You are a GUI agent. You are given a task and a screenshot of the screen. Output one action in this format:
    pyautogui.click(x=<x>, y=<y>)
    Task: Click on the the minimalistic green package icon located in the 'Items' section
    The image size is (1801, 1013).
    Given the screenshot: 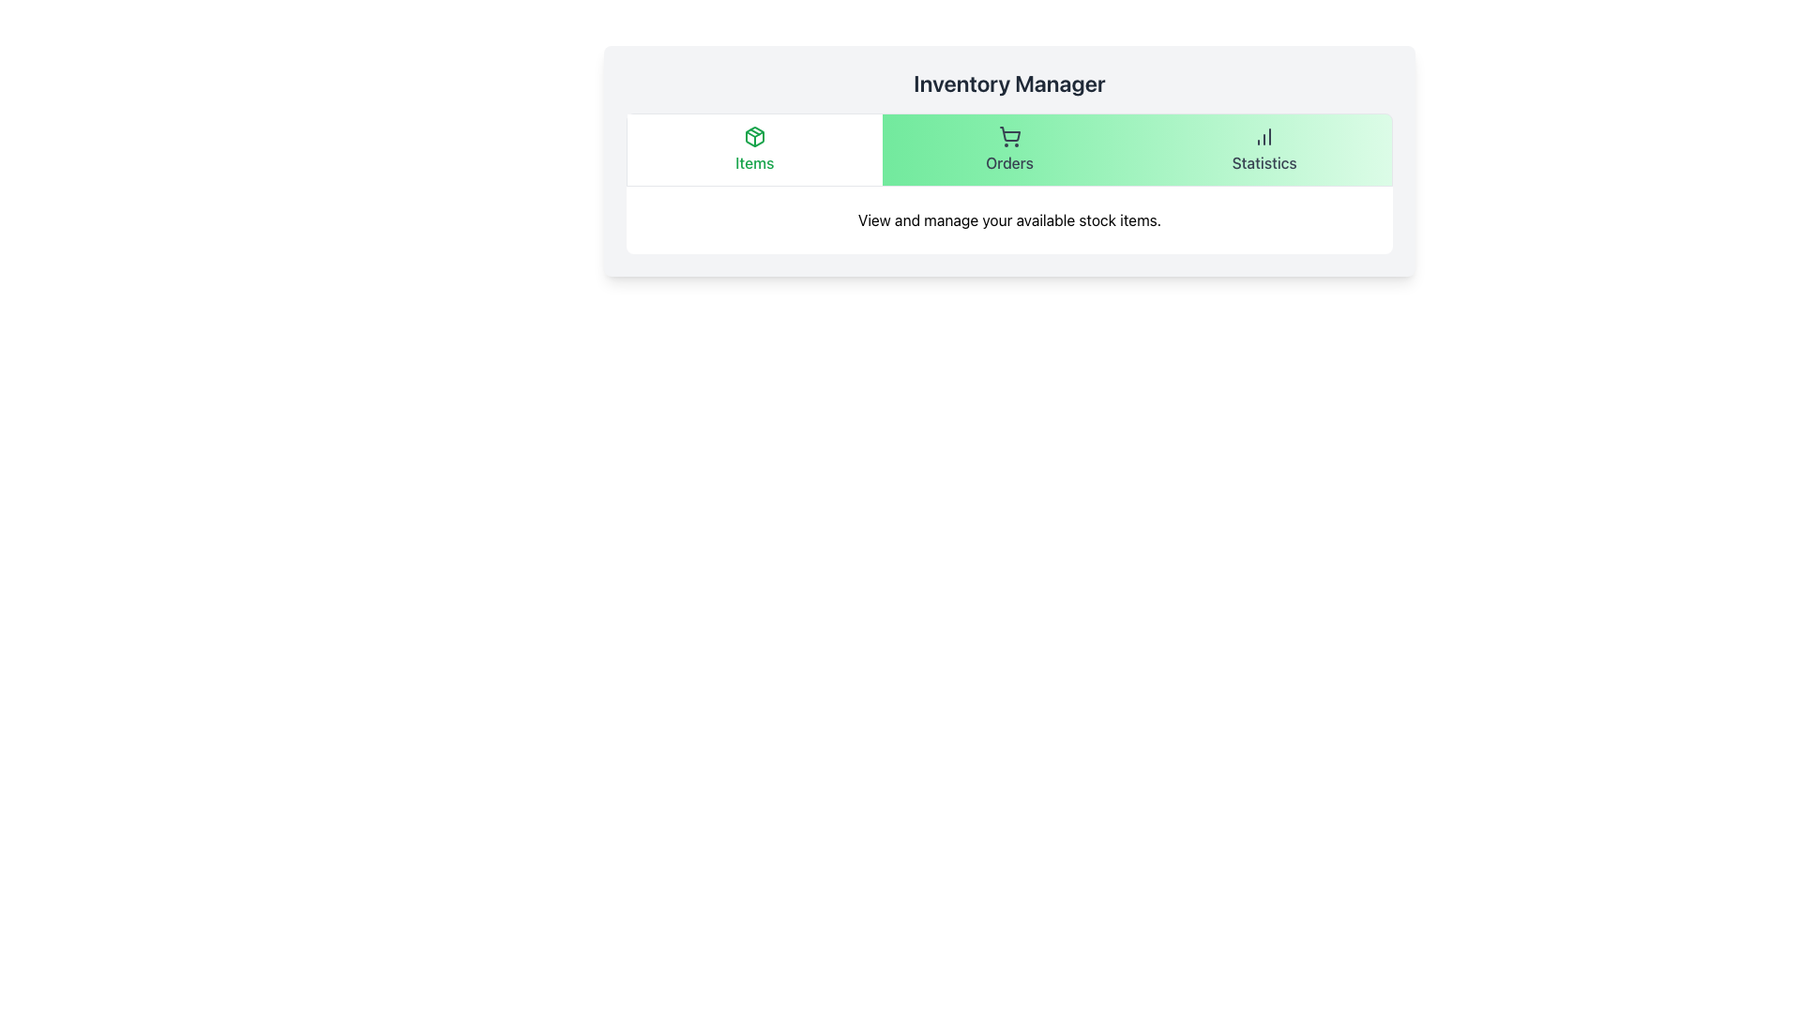 What is the action you would take?
    pyautogui.click(x=754, y=136)
    